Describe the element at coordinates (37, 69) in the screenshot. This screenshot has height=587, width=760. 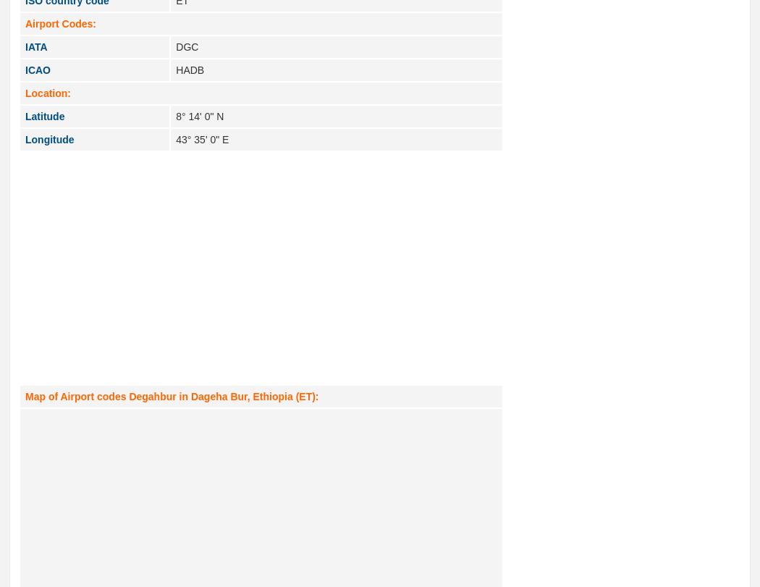
I see `'ICAO'` at that location.